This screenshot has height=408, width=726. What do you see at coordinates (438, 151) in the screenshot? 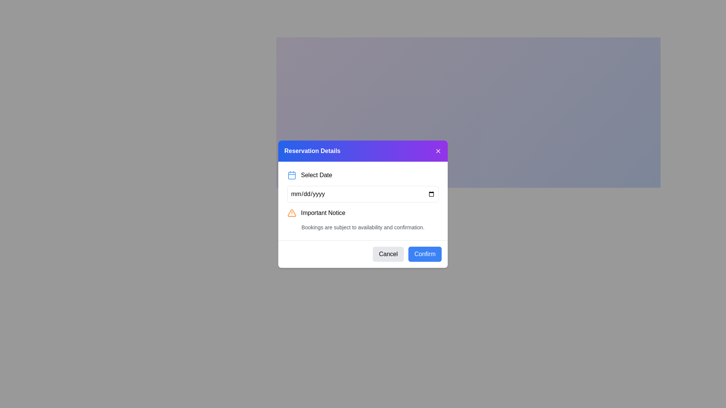
I see `the small square button with a white 'X' icon located at the top-right corner of the purple header titled 'Reservation Details'` at bounding box center [438, 151].